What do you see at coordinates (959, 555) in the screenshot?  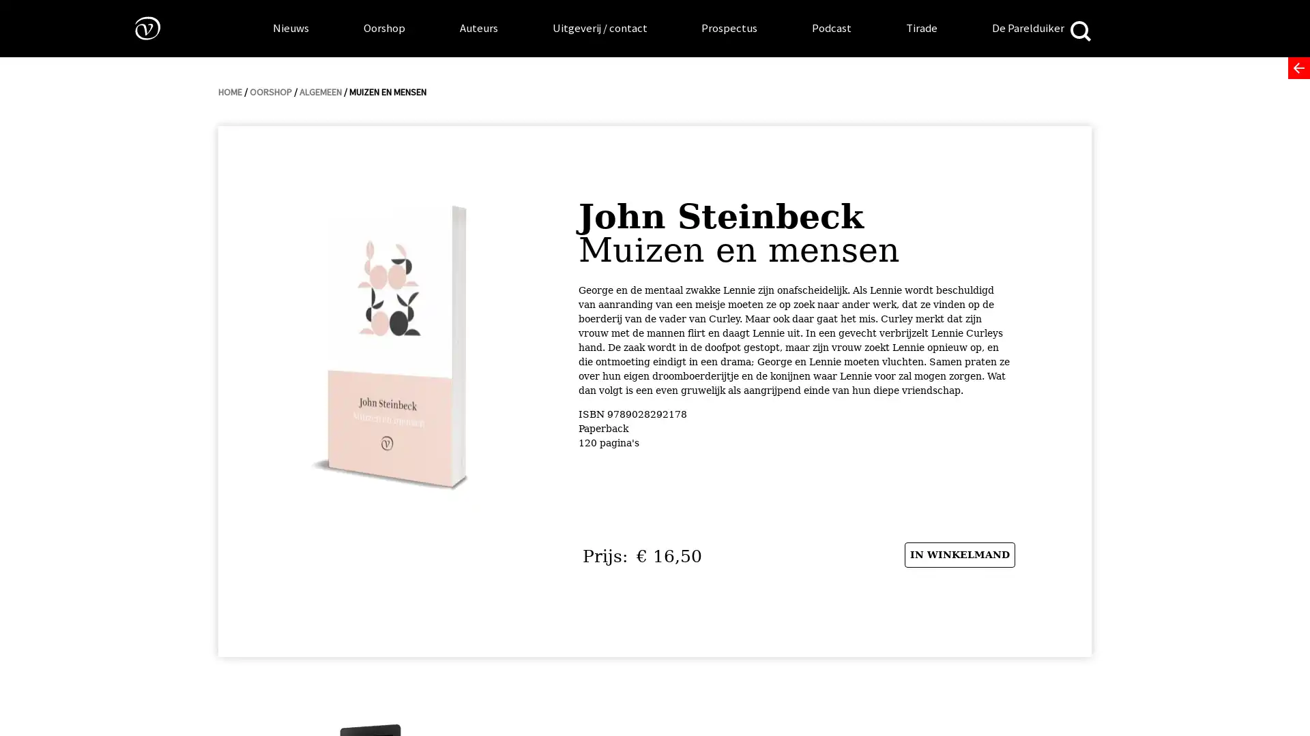 I see `IN WINKELMAND` at bounding box center [959, 555].